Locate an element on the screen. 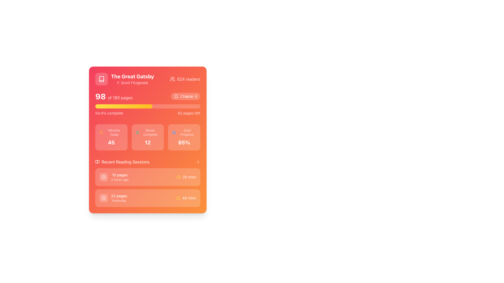 The width and height of the screenshot is (504, 283). the Text Display element containing the title 'The Great Gatsby' and subtitle 'F. Scott Fitzgerald', which is styled boldly and located in the top-left corner of the card interface is located at coordinates (124, 79).